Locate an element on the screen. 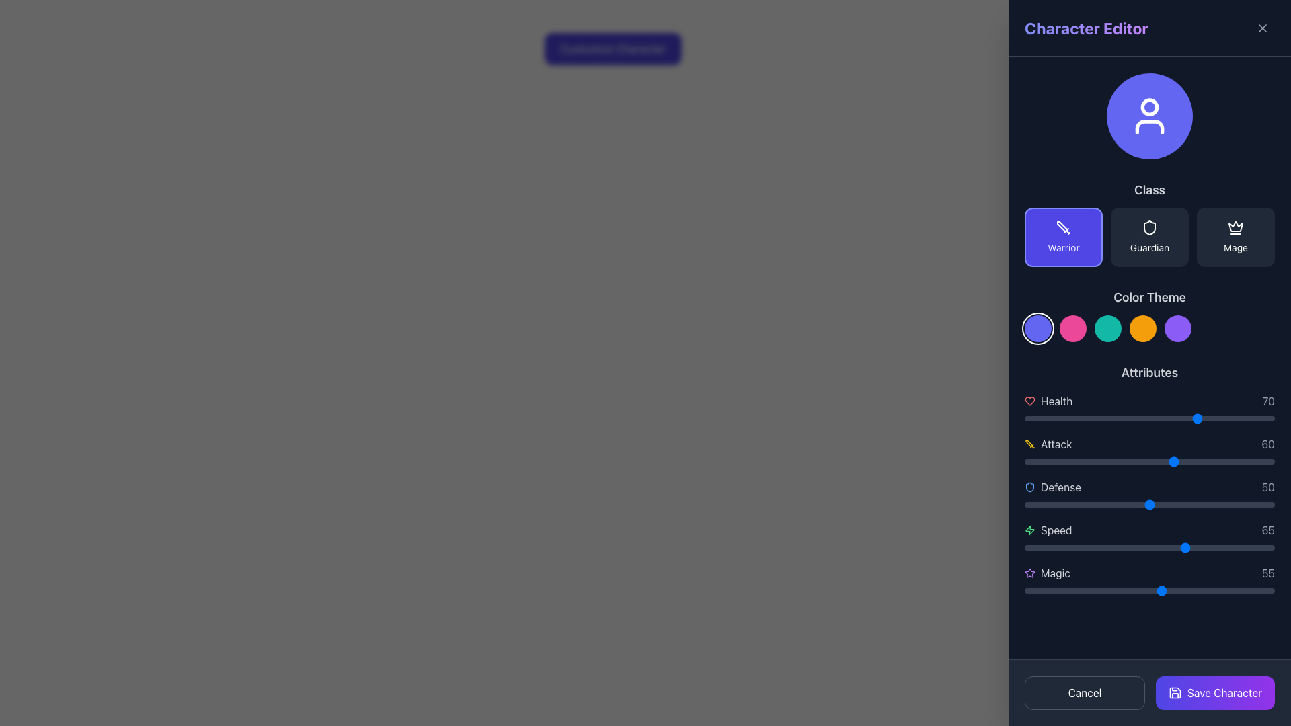 The image size is (1291, 726). the gray number '55' static text label displayed in a clear sans-serif font, located at the right-side end of the 'Magic' attribute row, aligned horizontally with the star icon and the text 'Magic' is located at coordinates (1267, 573).